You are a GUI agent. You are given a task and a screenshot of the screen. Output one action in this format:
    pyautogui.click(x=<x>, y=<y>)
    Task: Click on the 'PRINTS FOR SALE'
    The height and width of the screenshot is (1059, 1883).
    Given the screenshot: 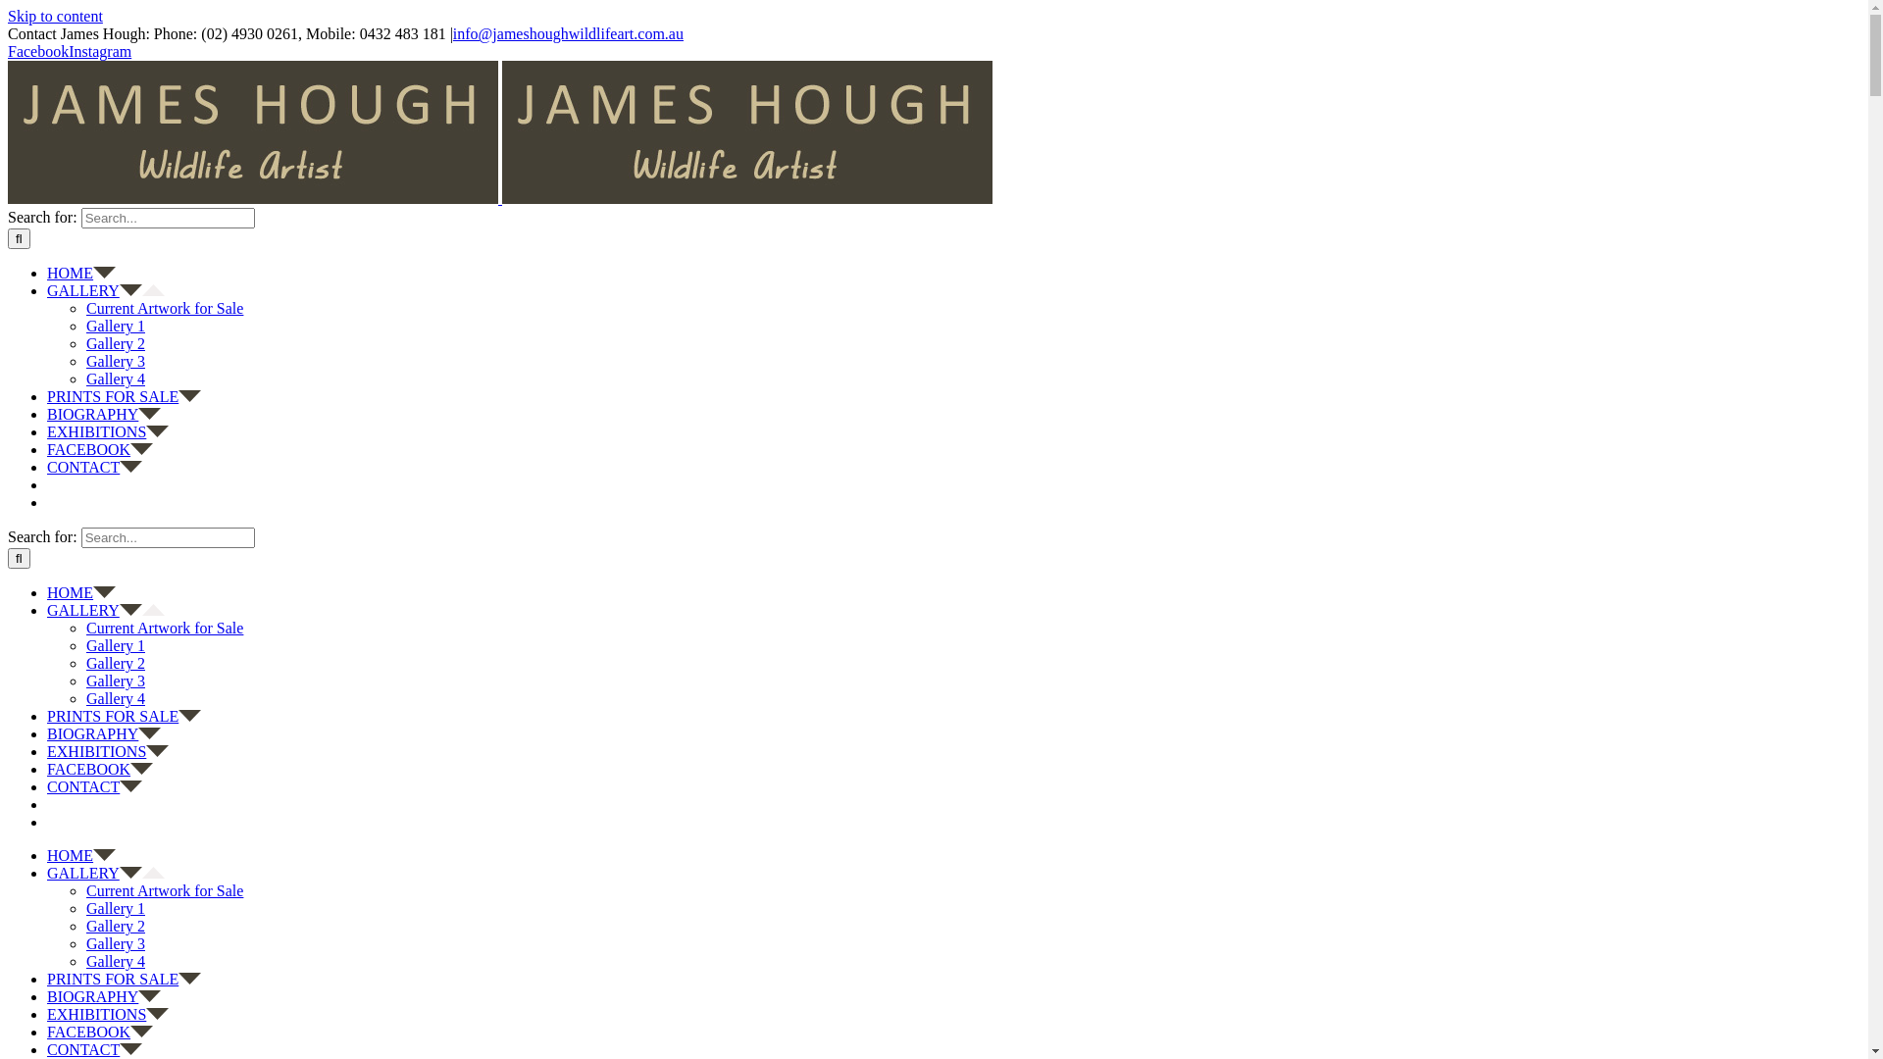 What is the action you would take?
    pyautogui.click(x=47, y=396)
    